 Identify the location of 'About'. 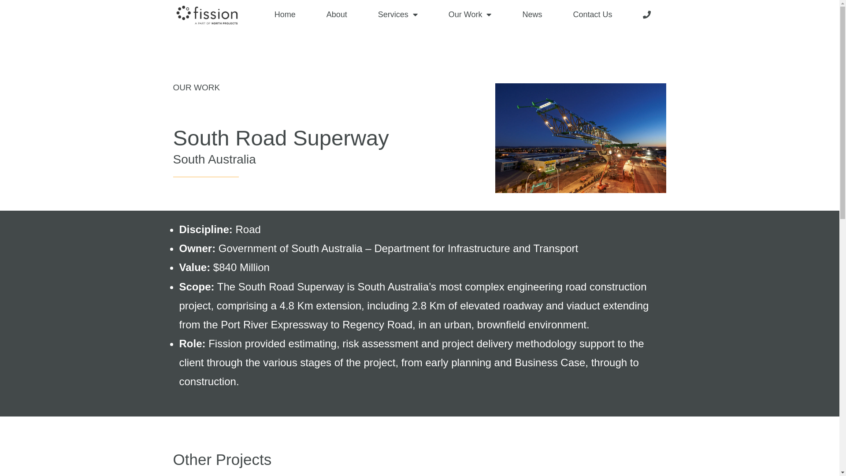
(336, 15).